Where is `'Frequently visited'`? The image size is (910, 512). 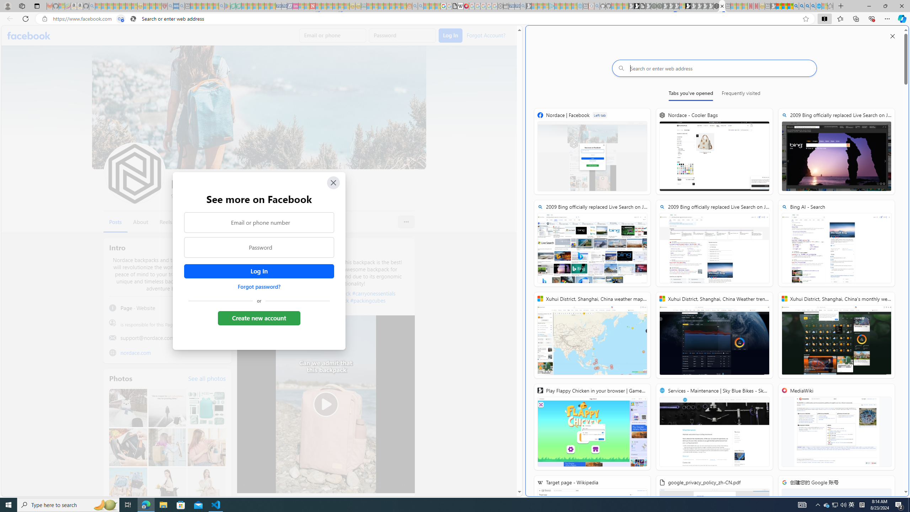
'Frequently visited' is located at coordinates (741, 94).